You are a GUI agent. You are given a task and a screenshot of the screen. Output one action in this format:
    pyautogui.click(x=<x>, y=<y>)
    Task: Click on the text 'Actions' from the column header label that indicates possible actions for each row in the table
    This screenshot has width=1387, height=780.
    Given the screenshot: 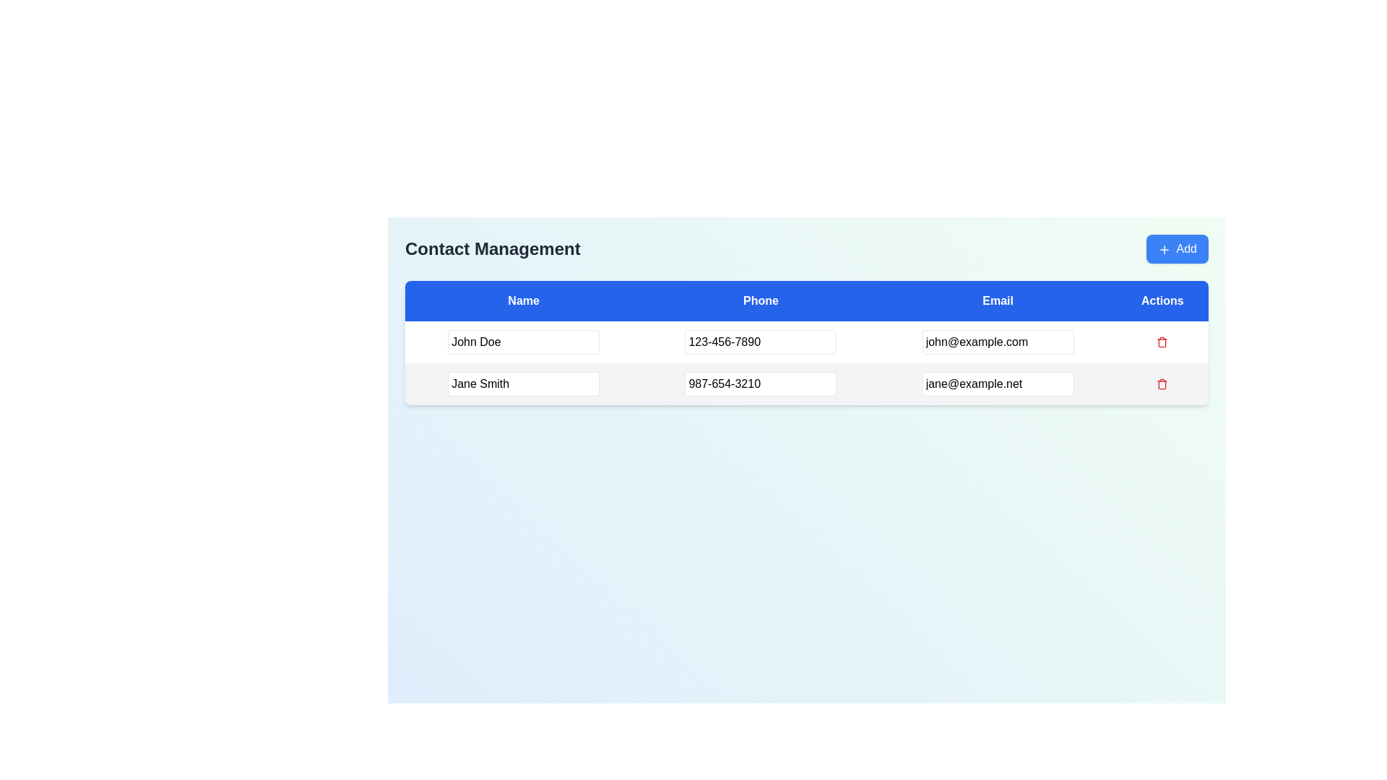 What is the action you would take?
    pyautogui.click(x=1162, y=300)
    